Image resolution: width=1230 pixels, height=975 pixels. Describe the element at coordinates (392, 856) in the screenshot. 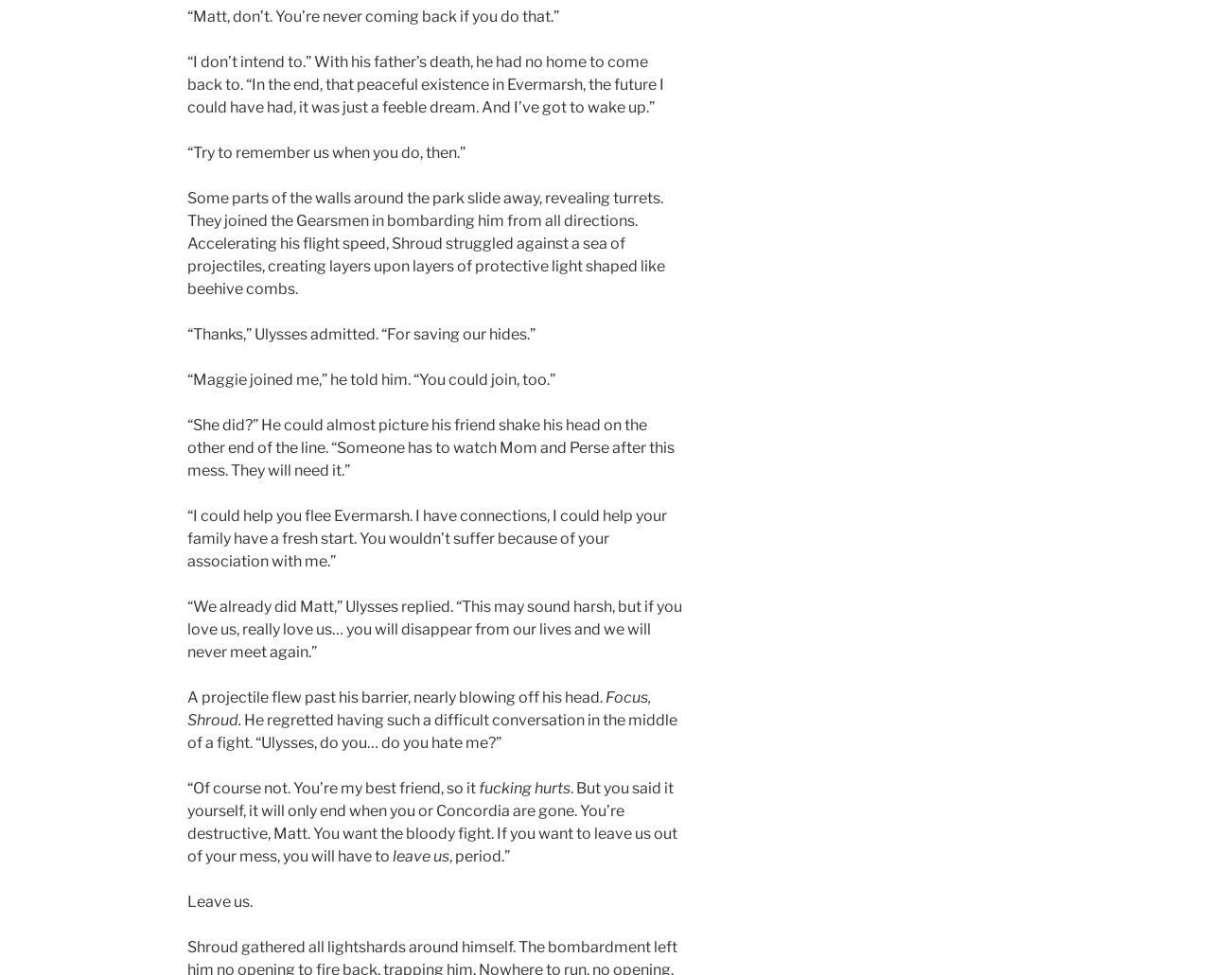

I see `'leave us'` at that location.